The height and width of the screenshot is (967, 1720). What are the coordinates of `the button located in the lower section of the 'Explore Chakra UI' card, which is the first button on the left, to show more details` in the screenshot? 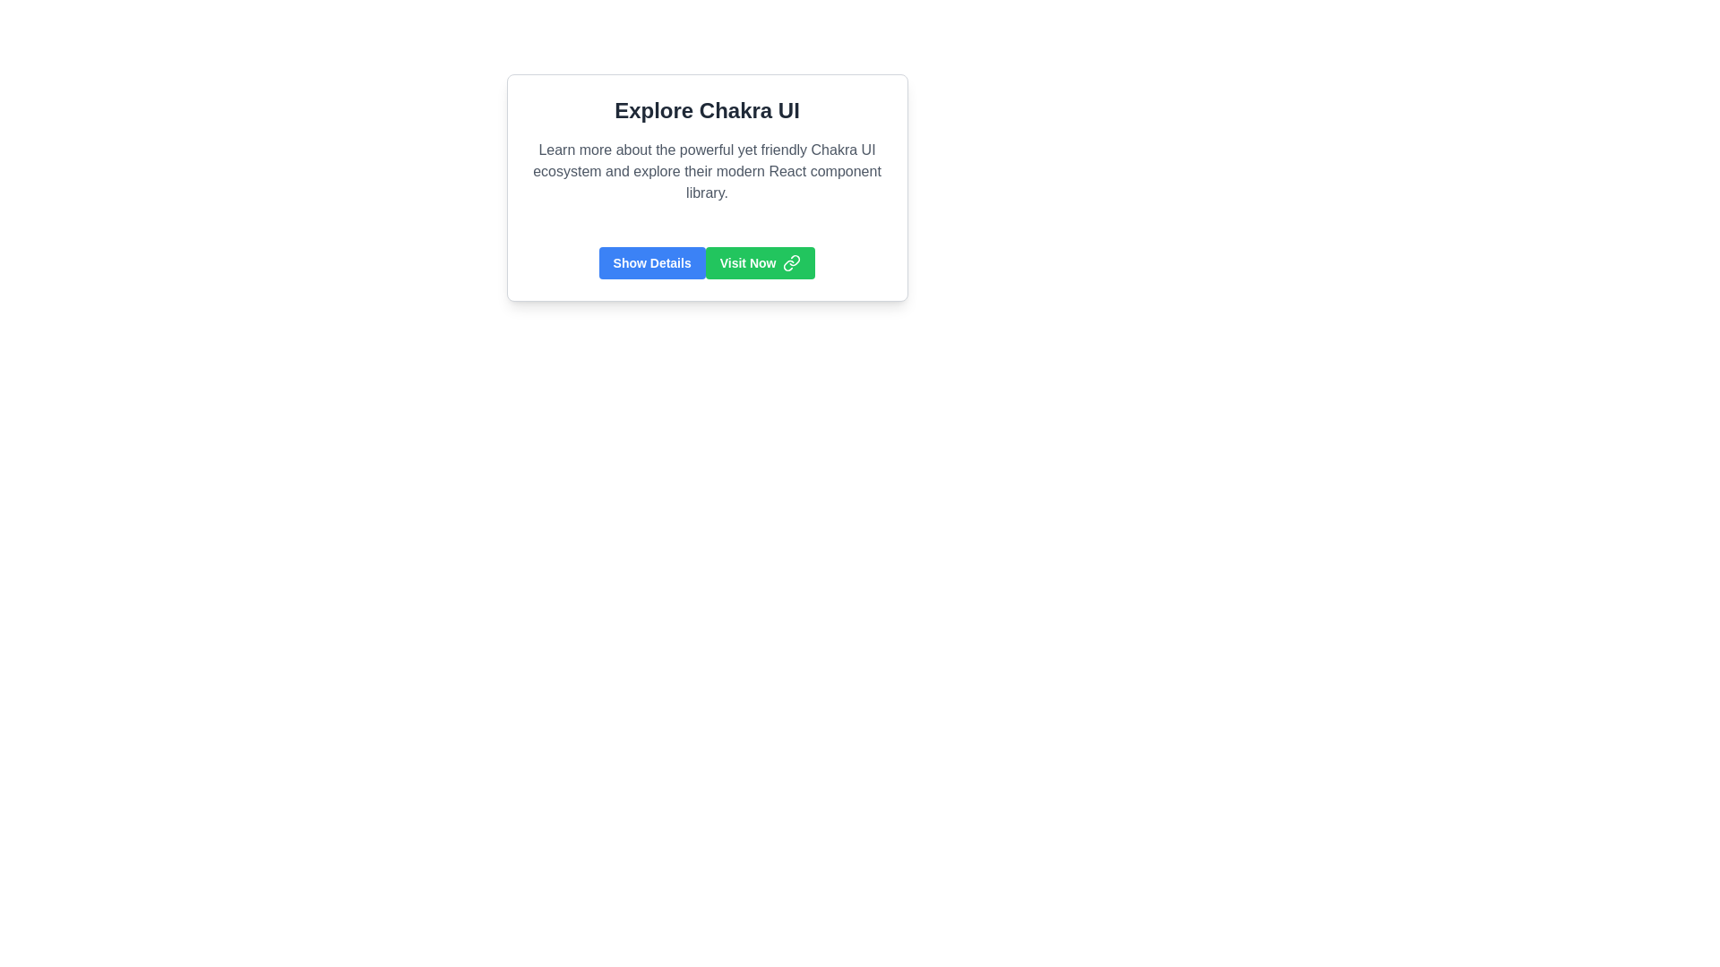 It's located at (651, 262).